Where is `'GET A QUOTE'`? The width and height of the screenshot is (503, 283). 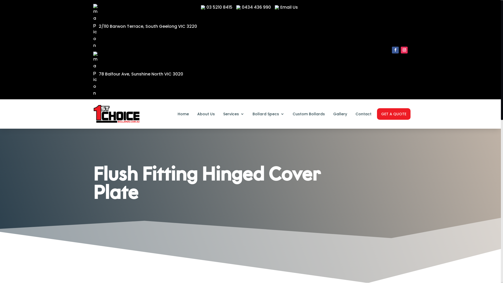 'GET A QUOTE' is located at coordinates (393, 114).